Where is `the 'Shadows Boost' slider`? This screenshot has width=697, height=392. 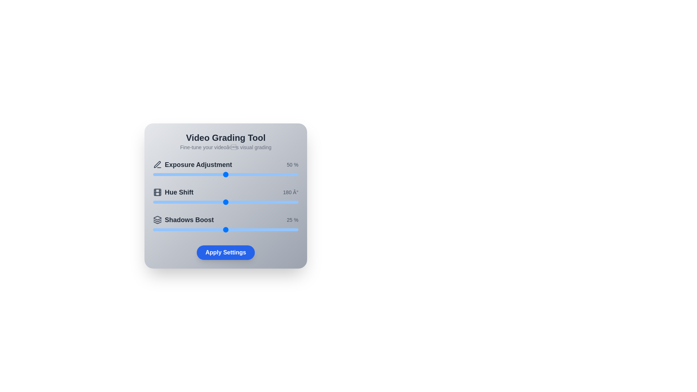
the 'Shadows Boost' slider is located at coordinates (295, 229).